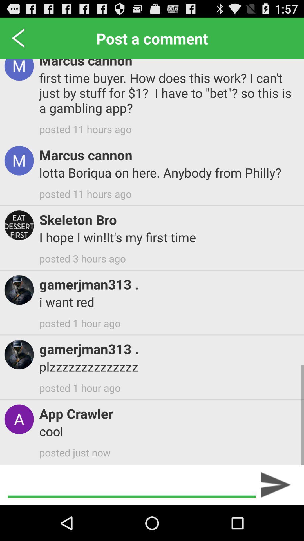 This screenshot has width=304, height=541. Describe the element at coordinates (131, 485) in the screenshot. I see `the item below posted just now` at that location.